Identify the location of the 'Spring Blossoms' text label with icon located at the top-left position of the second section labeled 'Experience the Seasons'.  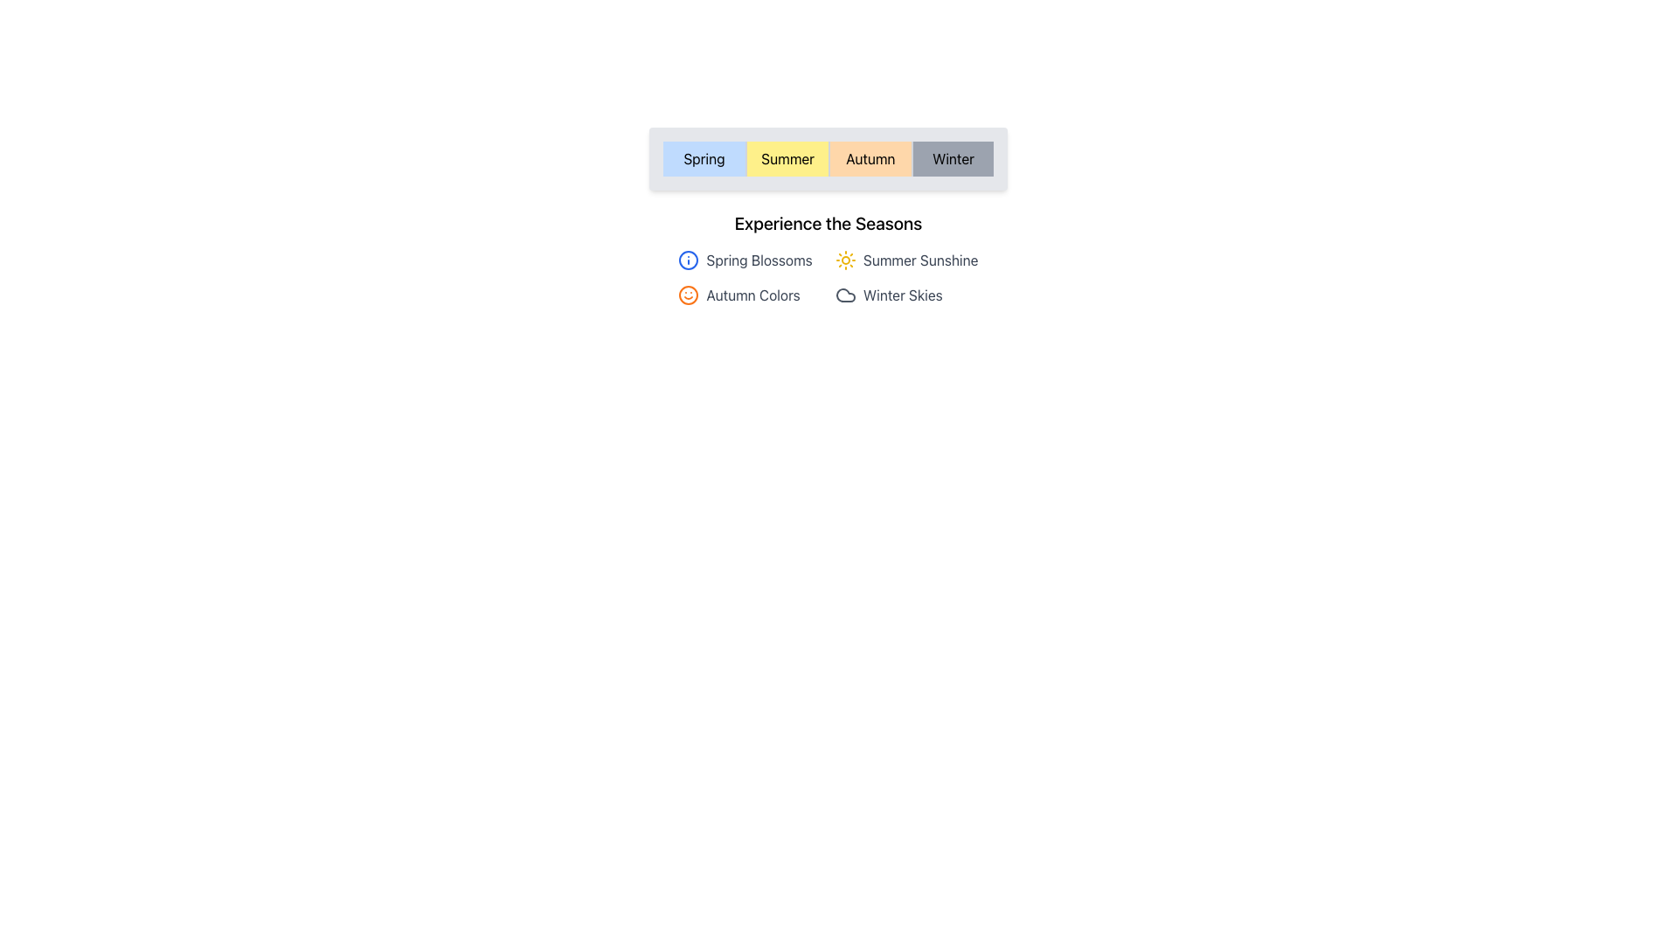
(750, 260).